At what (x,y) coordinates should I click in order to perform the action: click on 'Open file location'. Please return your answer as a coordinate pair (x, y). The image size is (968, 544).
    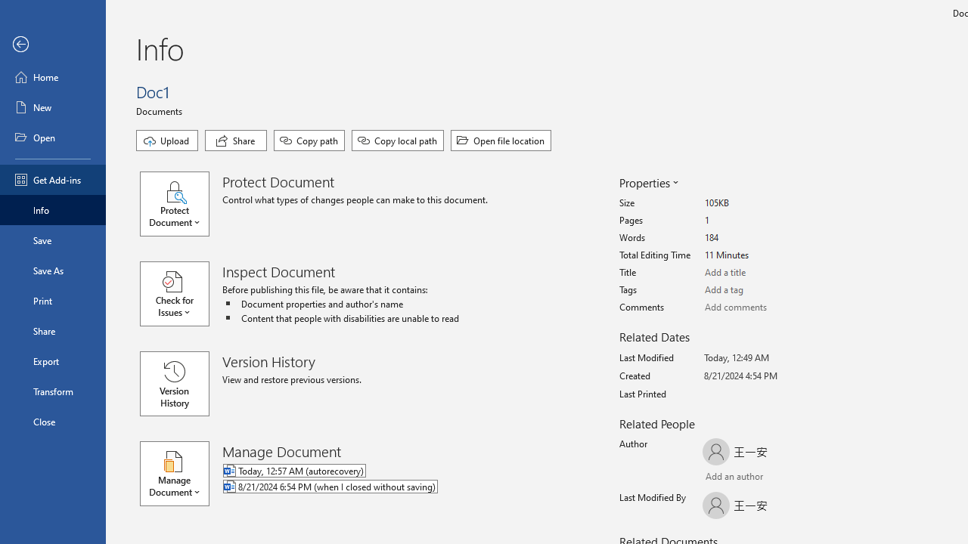
    Looking at the image, I should click on (501, 141).